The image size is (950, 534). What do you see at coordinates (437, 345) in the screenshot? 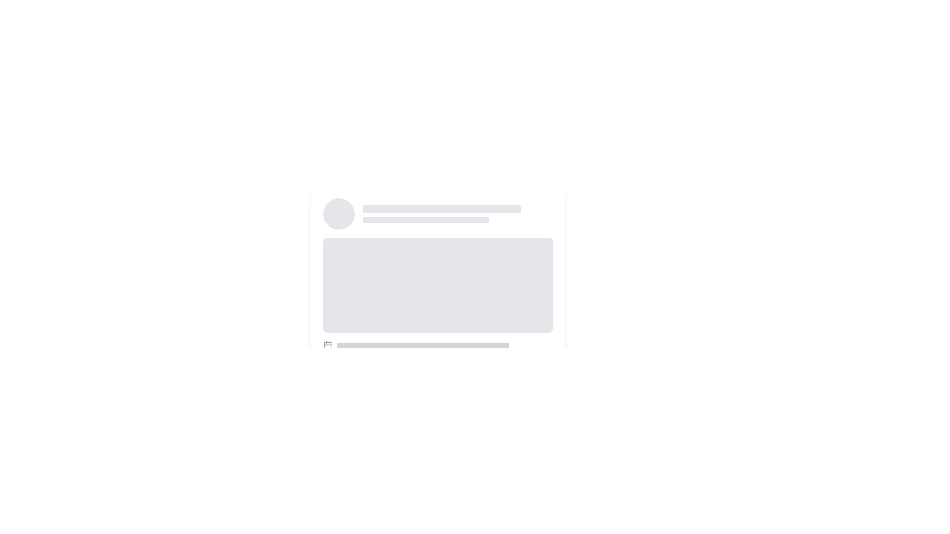
I see `the calendar icon in the Icon and progress placeholder component to receive more information about the scheduled time or date` at bounding box center [437, 345].